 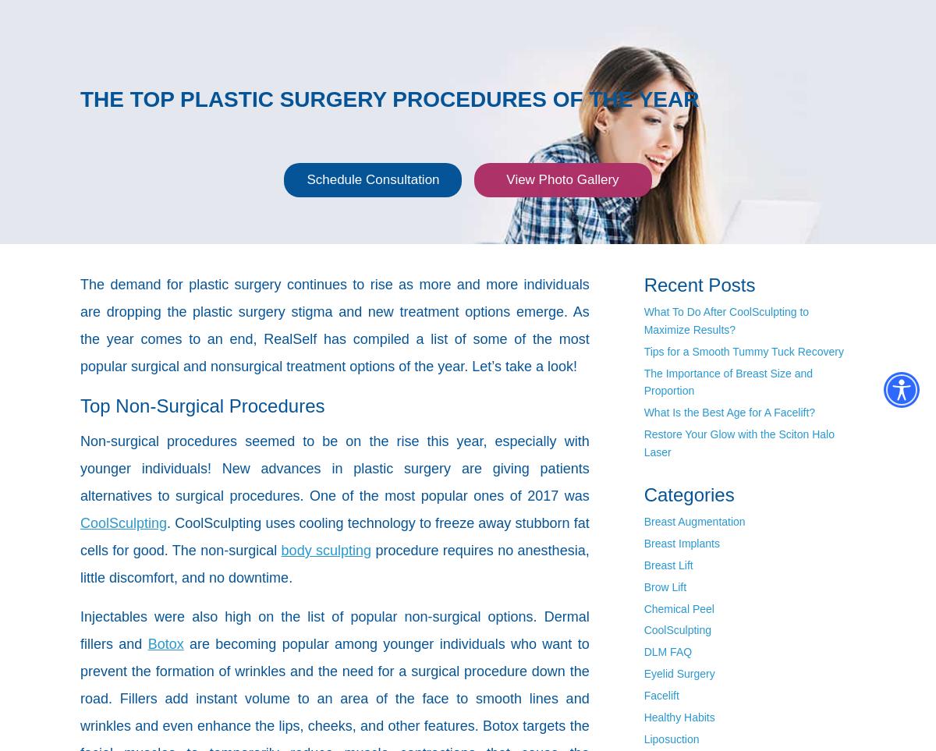 I want to click on 'About', so click(x=224, y=13).